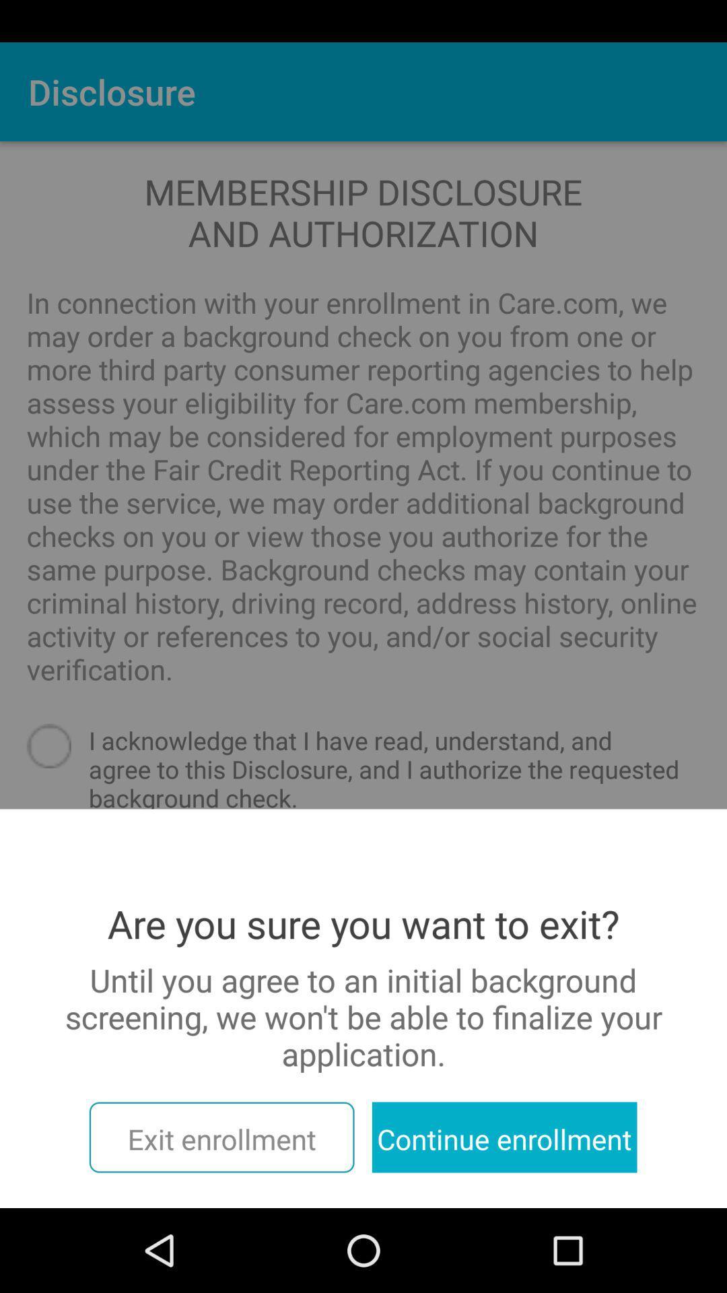 This screenshot has width=727, height=1293. What do you see at coordinates (221, 1137) in the screenshot?
I see `item at the bottom left corner` at bounding box center [221, 1137].